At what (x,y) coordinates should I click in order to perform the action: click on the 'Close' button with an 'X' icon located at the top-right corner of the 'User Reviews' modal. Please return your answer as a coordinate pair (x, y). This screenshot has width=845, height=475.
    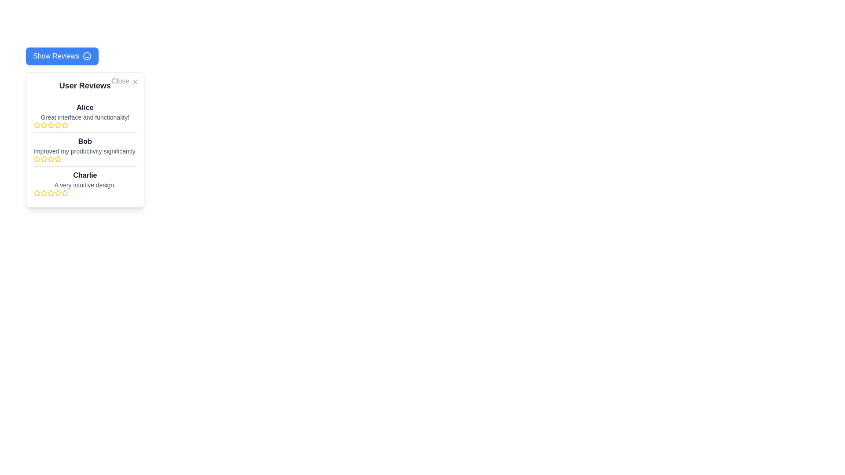
    Looking at the image, I should click on (124, 81).